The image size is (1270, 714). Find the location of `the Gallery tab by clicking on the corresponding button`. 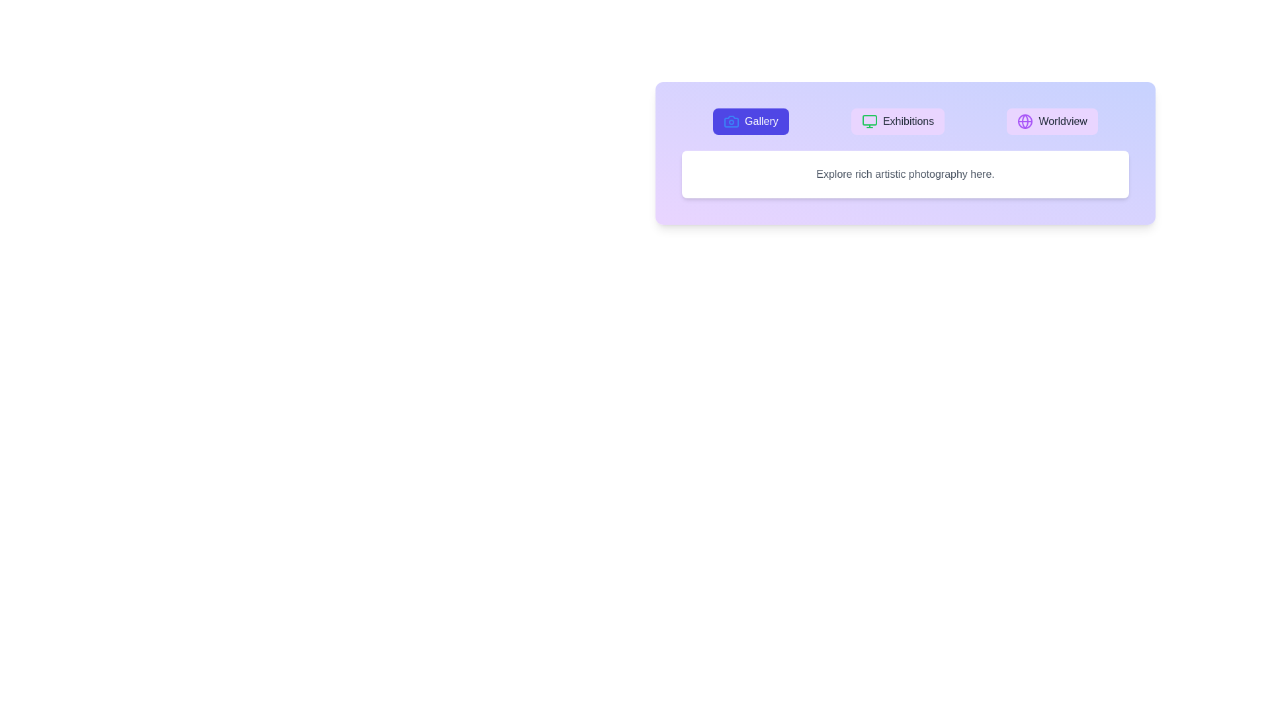

the Gallery tab by clicking on the corresponding button is located at coordinates (751, 122).